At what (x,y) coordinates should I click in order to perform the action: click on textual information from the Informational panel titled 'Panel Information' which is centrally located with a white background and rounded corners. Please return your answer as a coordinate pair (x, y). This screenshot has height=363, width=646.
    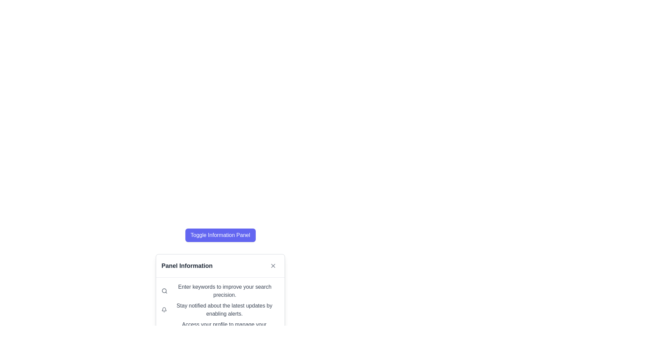
    Looking at the image, I should click on (220, 266).